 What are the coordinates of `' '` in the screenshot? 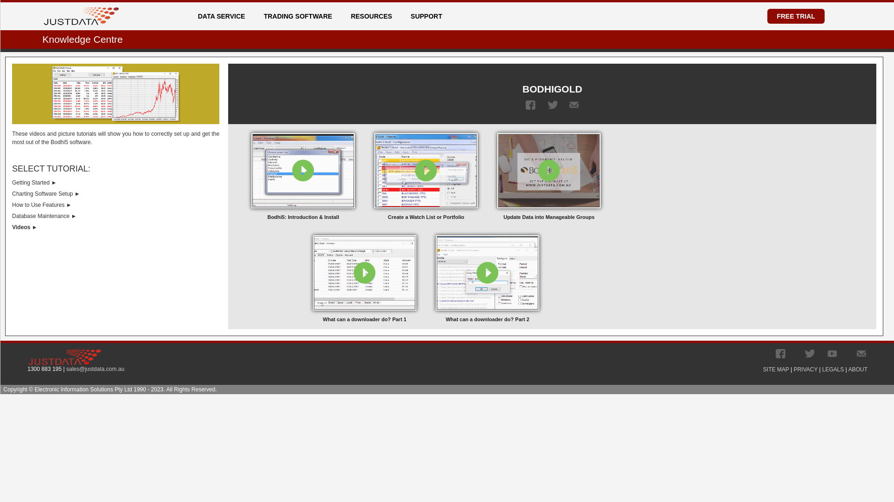 It's located at (809, 353).